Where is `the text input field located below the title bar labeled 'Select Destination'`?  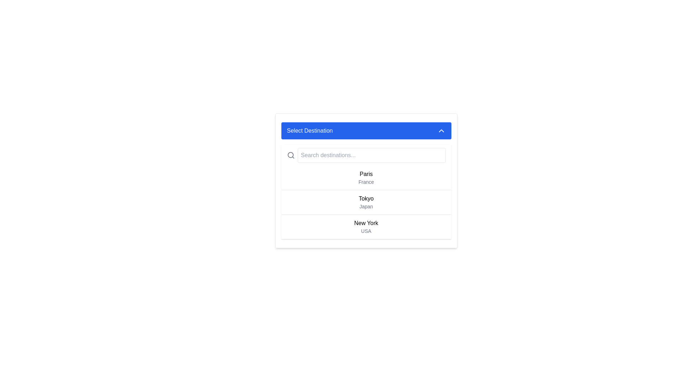 the text input field located below the title bar labeled 'Select Destination' is located at coordinates (366, 155).